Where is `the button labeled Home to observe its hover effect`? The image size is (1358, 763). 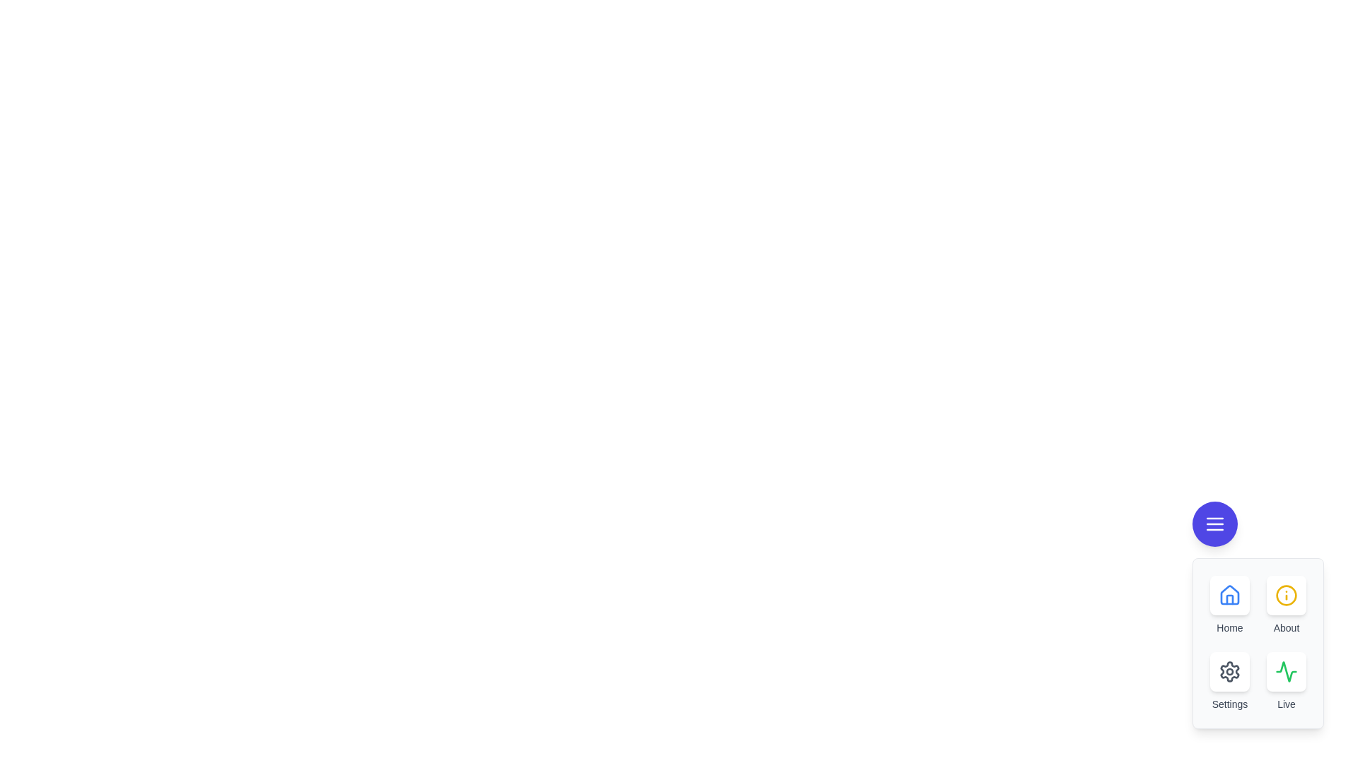 the button labeled Home to observe its hover effect is located at coordinates (1229, 596).